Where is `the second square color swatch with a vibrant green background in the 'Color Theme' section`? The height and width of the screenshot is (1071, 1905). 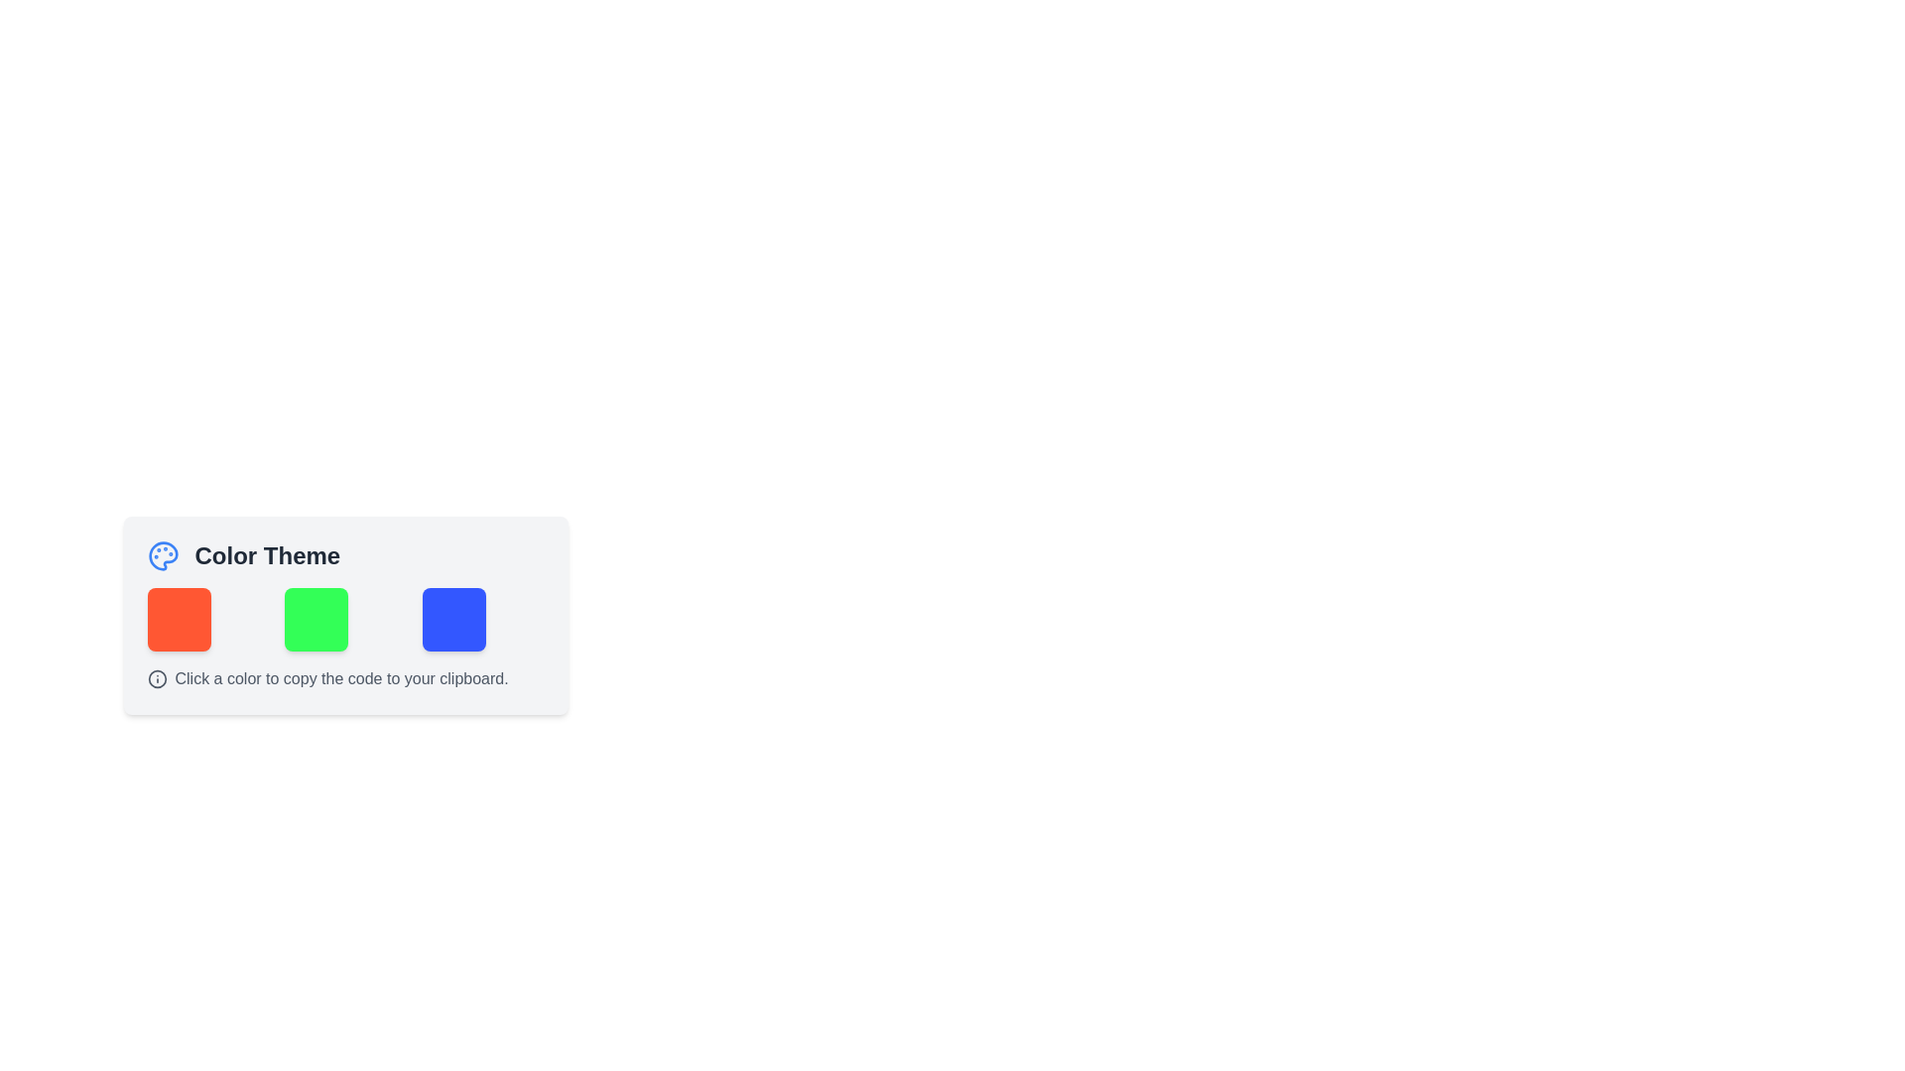 the second square color swatch with a vibrant green background in the 'Color Theme' section is located at coordinates (345, 615).